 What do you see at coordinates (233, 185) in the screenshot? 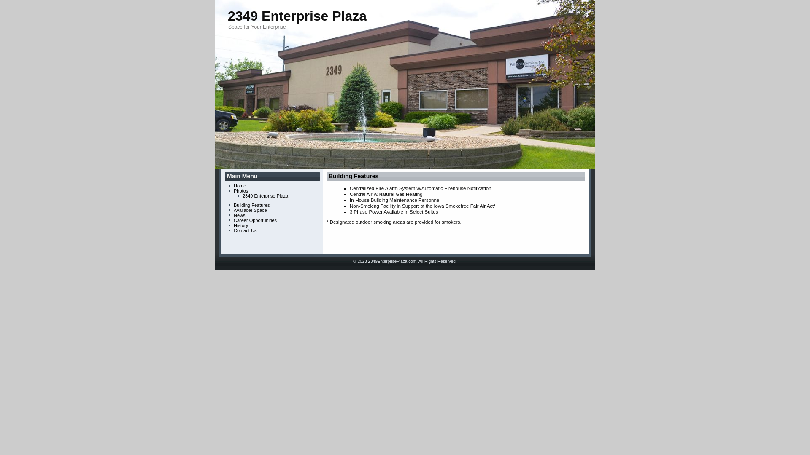
I see `'Home'` at bounding box center [233, 185].